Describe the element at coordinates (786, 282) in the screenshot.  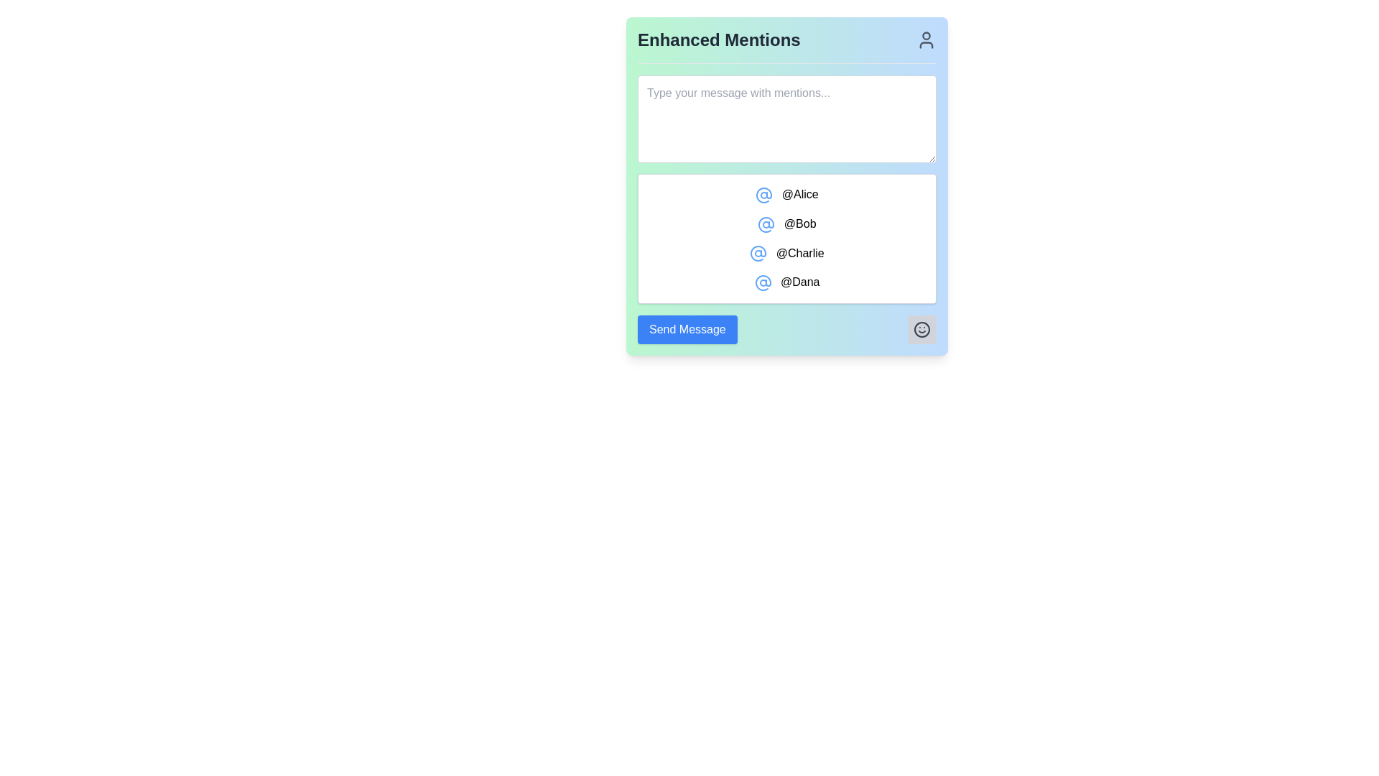
I see `the interactive user mention labeled '@Dana'` at that location.